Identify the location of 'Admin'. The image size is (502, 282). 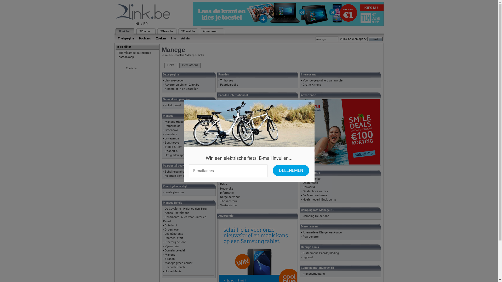
(178, 38).